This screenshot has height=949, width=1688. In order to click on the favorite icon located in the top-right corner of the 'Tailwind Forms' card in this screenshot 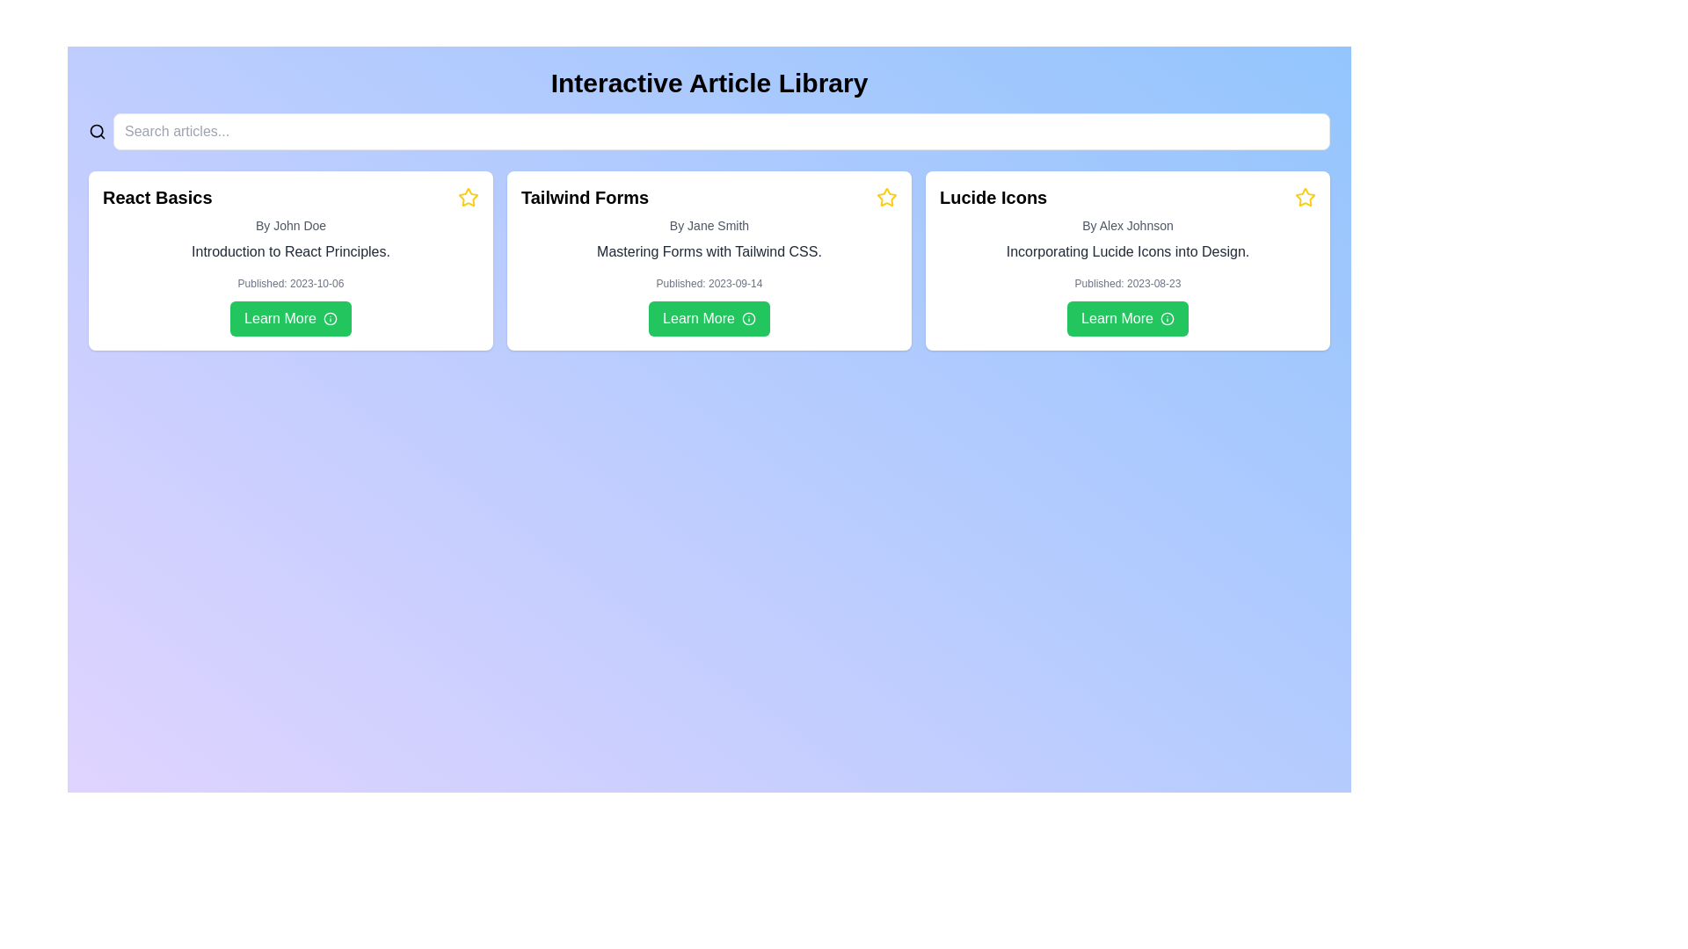, I will do `click(886, 197)`.